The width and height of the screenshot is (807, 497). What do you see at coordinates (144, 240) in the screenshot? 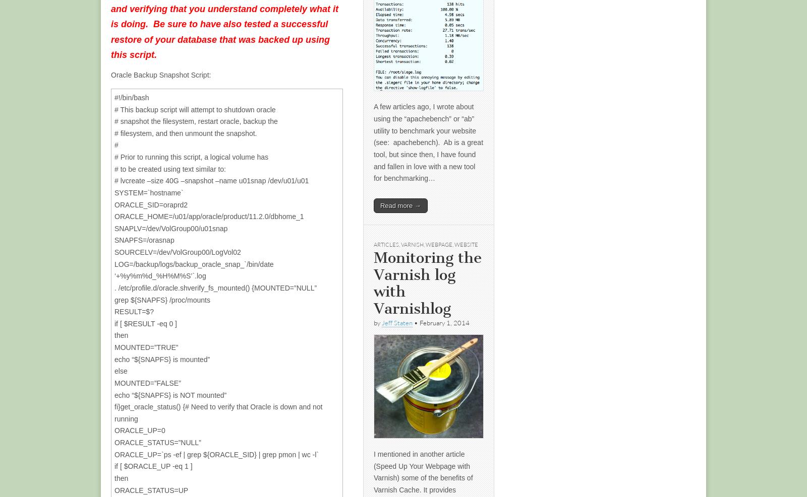
I see `'SNAPFS=/orasnap'` at bounding box center [144, 240].